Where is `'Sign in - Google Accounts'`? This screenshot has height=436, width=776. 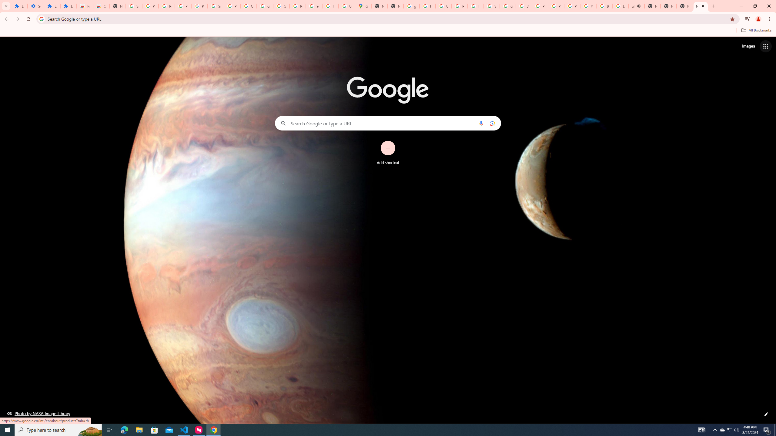 'Sign in - Google Accounts' is located at coordinates (134, 6).